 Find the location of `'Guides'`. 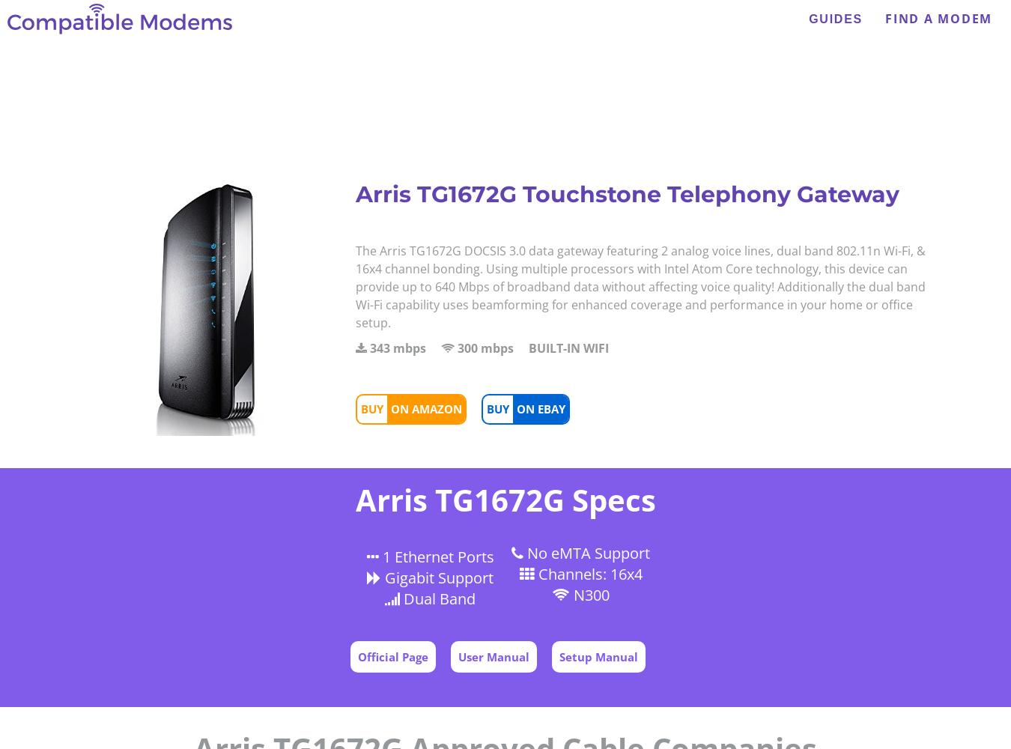

'Guides' is located at coordinates (836, 19).